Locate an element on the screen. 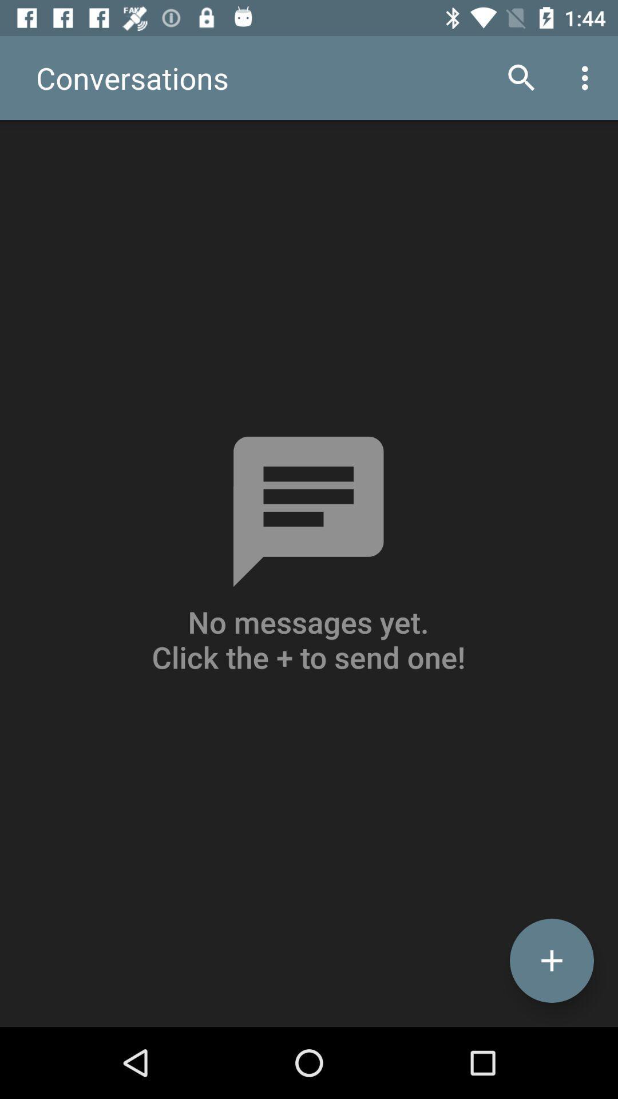 The height and width of the screenshot is (1099, 618). start message is located at coordinates (551, 960).